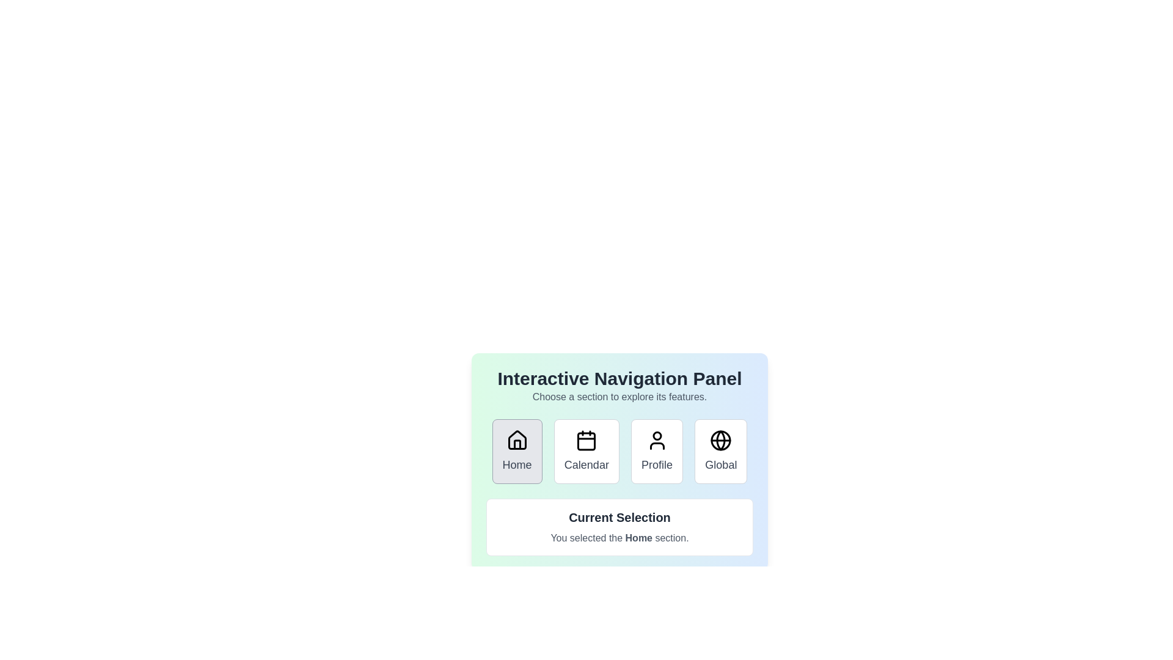  Describe the element at coordinates (656, 441) in the screenshot. I see `the icon with a circular head and rounded shoulders located at the top center of the 'Profile' button` at that location.